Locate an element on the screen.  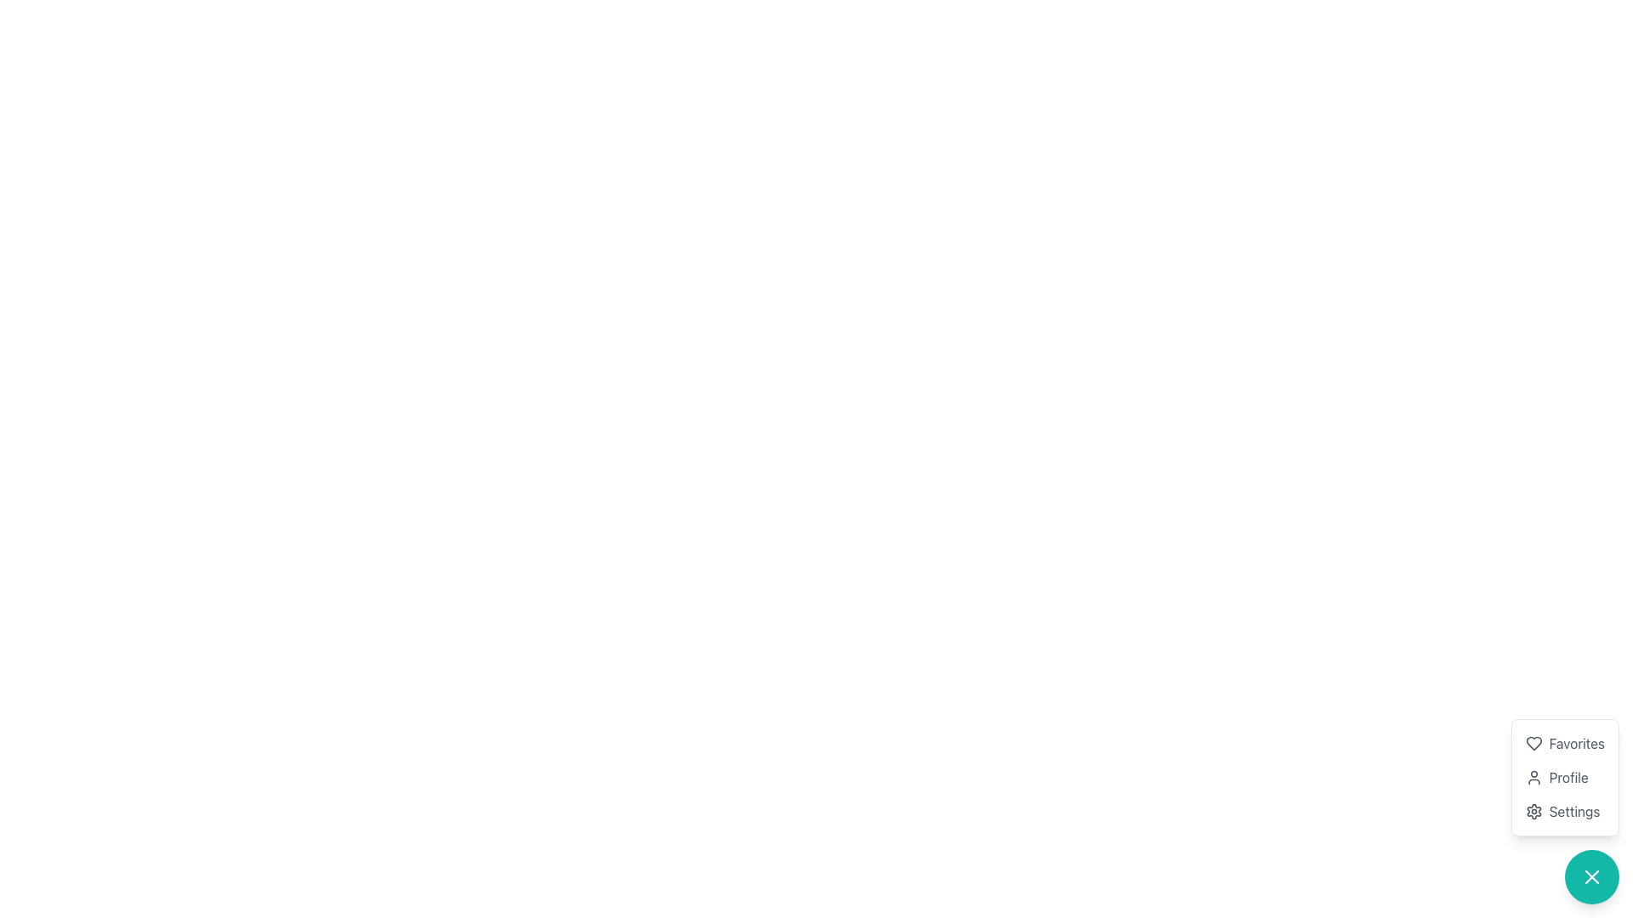
the heart icon located to the left of the 'Favorites' text in the vertical menu at the bottom-right corner of the interface is located at coordinates (1533, 743).